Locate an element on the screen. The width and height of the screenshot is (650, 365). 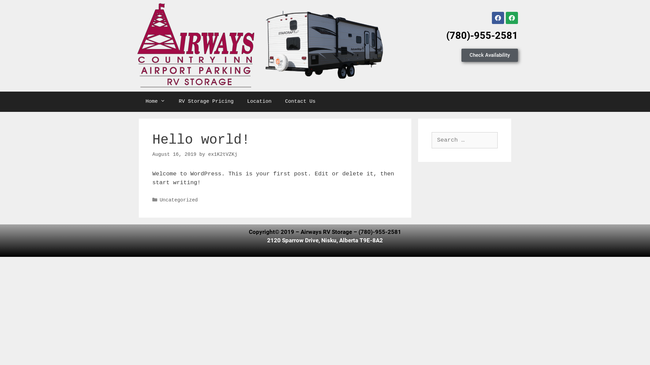
'(780)-955-2581' is located at coordinates (482, 35).